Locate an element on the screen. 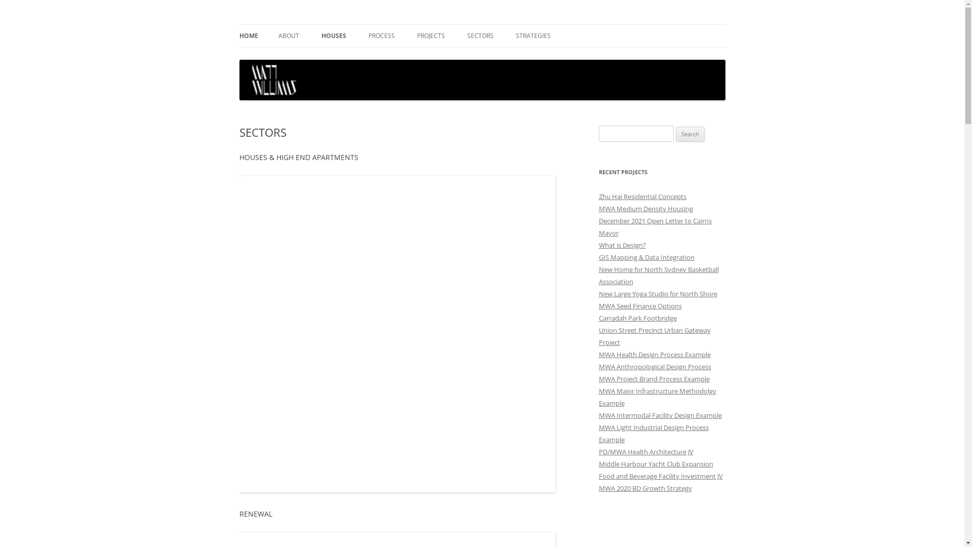 The height and width of the screenshot is (547, 972). 'Zhu Hai Residential Concepts' is located at coordinates (598, 197).